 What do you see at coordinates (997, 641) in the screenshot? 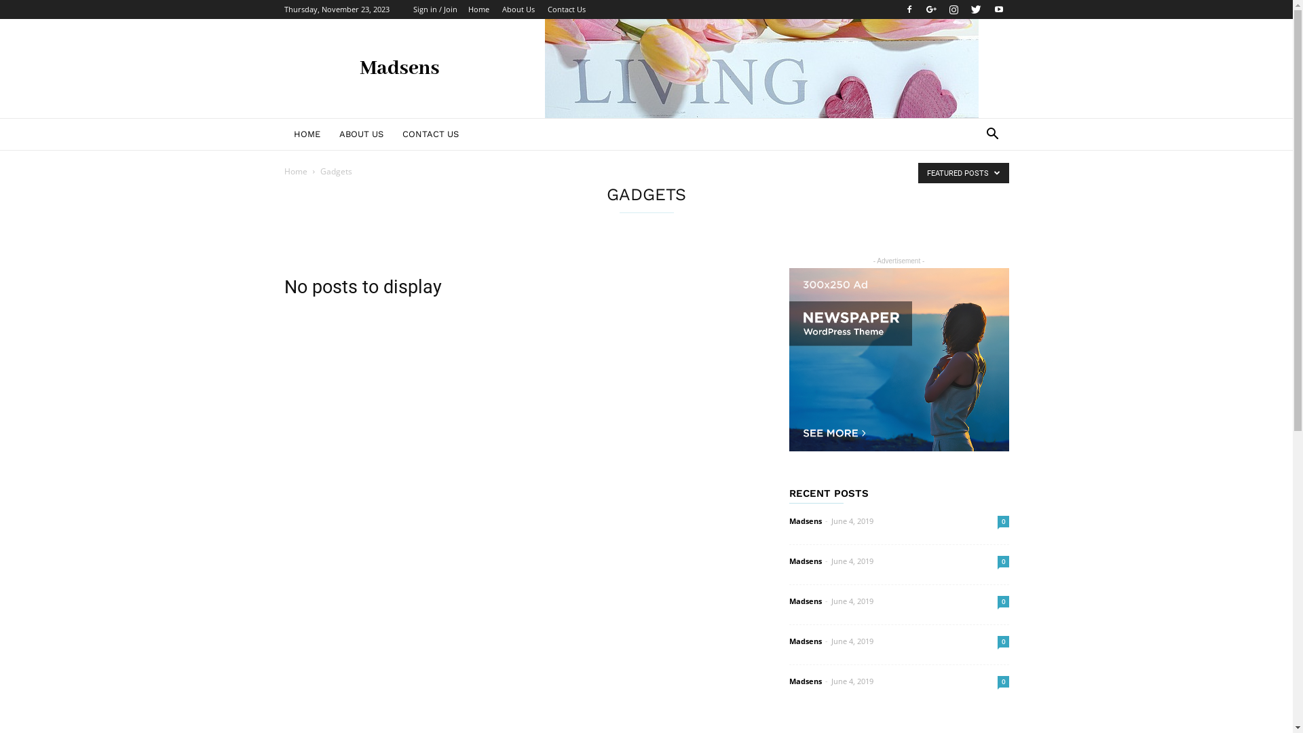
I see `'0'` at bounding box center [997, 641].